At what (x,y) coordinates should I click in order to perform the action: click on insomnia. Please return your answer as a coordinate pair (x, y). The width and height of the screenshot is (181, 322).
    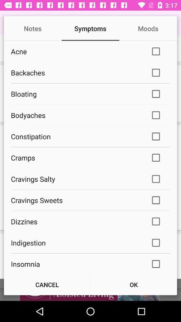
    Looking at the image, I should click on (76, 264).